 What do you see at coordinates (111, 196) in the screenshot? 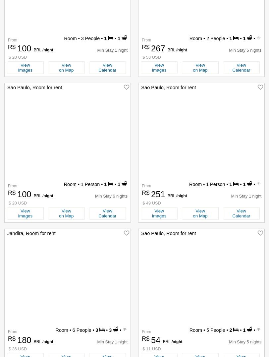
I see `'Min Stay 6 nights'` at bounding box center [111, 196].